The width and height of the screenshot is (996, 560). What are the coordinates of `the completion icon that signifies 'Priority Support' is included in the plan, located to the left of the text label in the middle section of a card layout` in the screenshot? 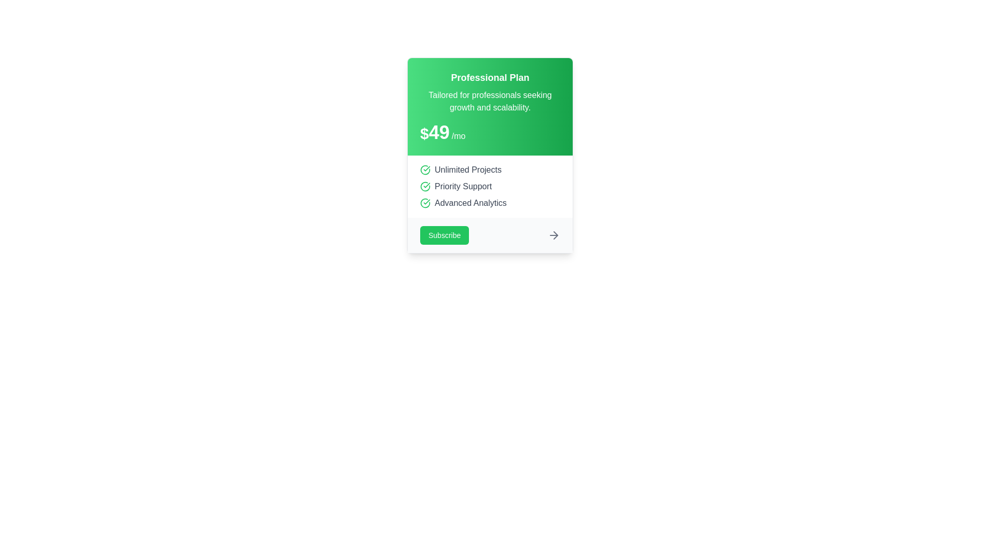 It's located at (425, 186).